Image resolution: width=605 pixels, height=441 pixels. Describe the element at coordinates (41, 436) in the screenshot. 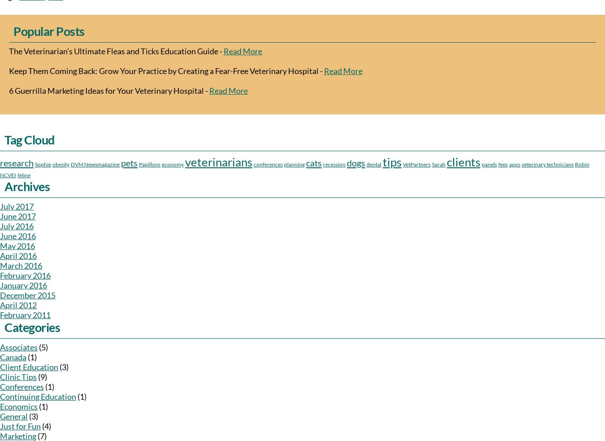

I see `'(7)'` at that location.